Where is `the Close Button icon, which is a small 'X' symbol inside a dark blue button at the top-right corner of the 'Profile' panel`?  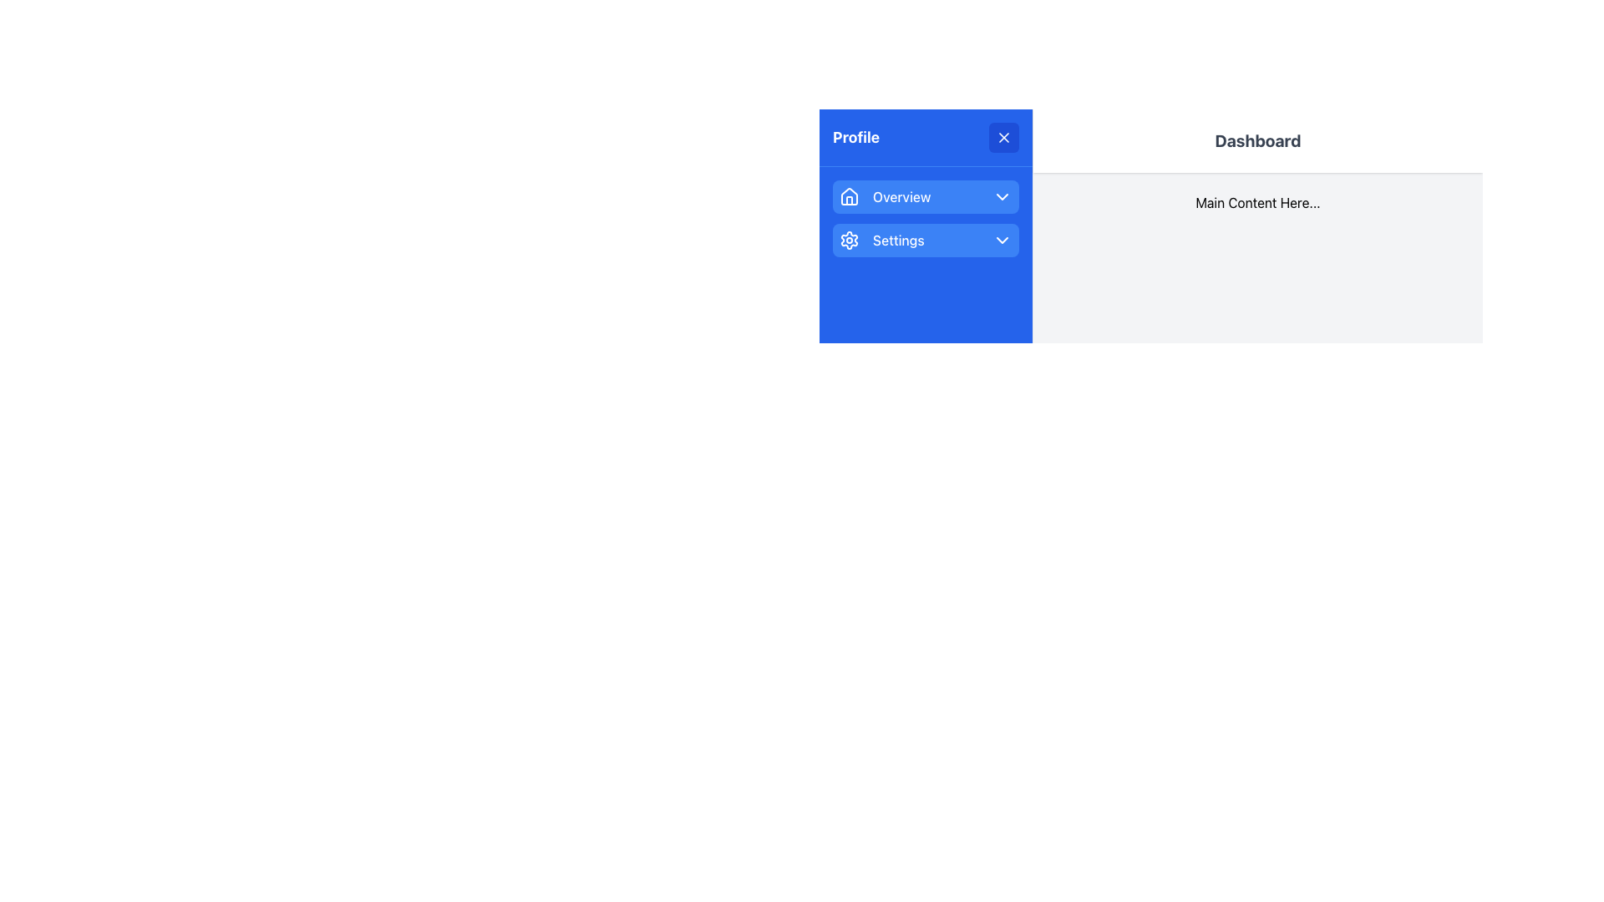 the Close Button icon, which is a small 'X' symbol inside a dark blue button at the top-right corner of the 'Profile' panel is located at coordinates (1002, 137).